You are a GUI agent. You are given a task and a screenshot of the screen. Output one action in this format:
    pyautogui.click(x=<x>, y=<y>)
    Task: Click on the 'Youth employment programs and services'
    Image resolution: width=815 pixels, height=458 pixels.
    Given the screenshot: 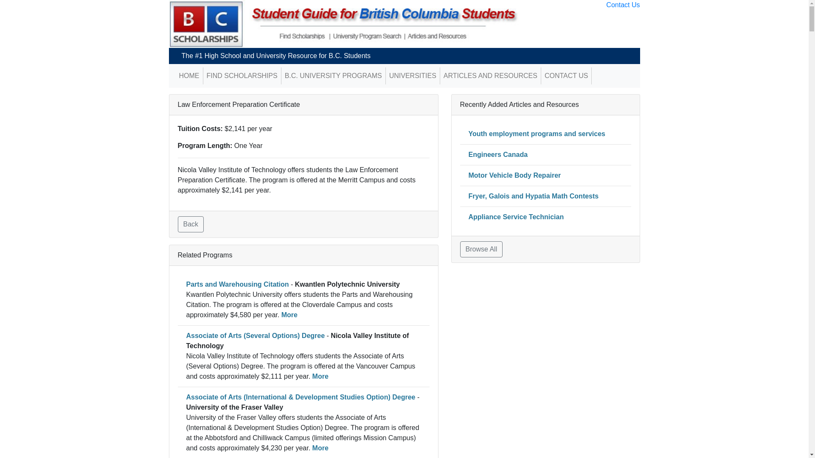 What is the action you would take?
    pyautogui.click(x=537, y=134)
    